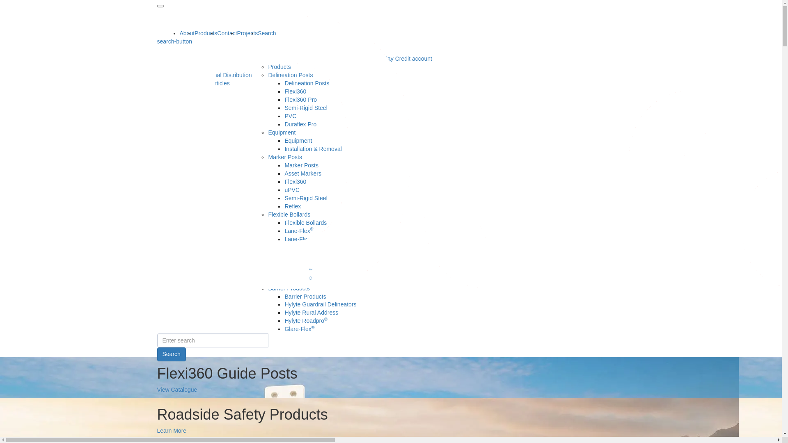  I want to click on 'Projects', so click(247, 33).